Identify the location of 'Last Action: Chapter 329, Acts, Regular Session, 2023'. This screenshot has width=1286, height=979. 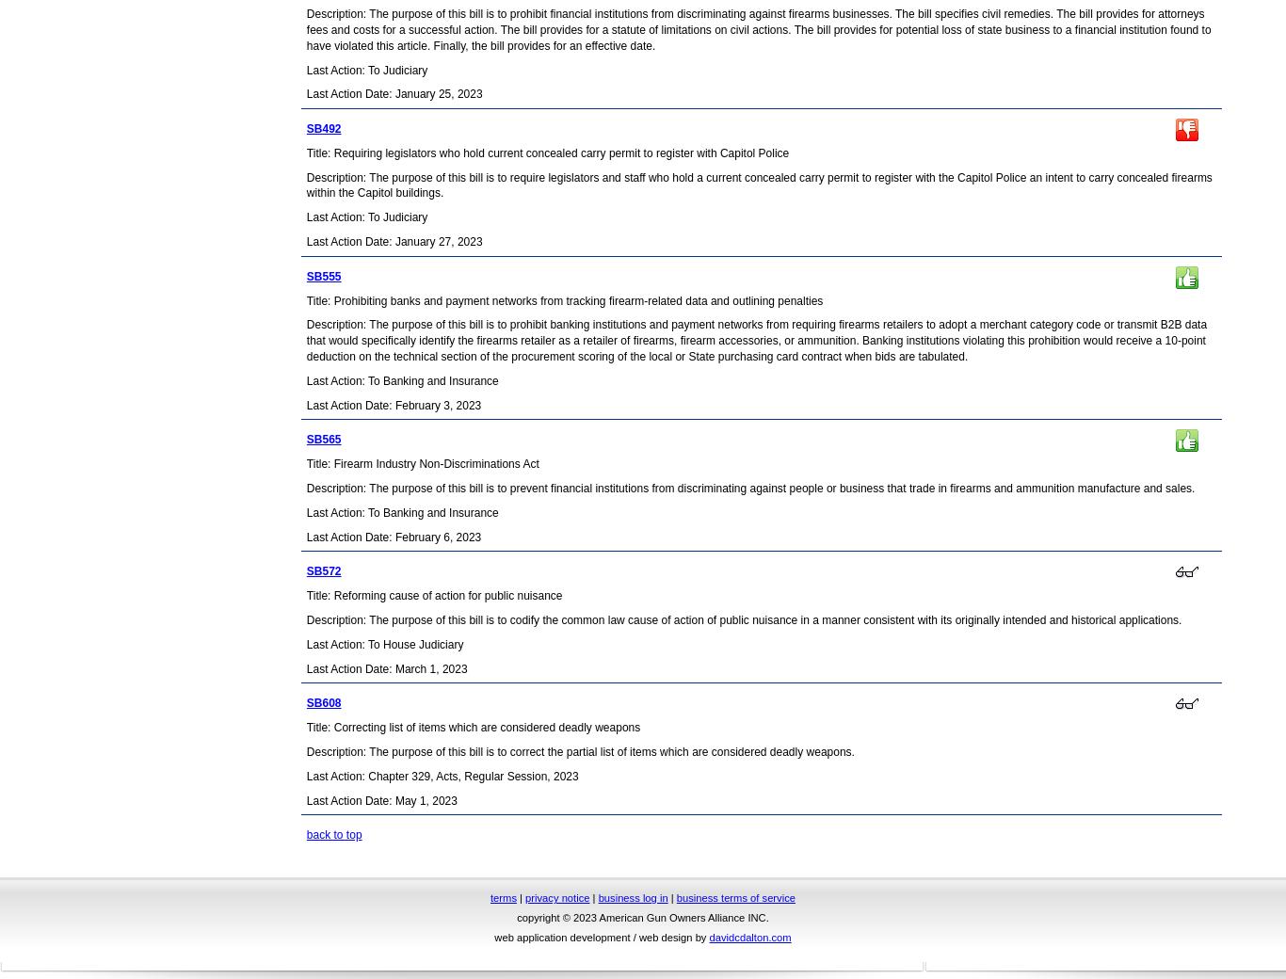
(305, 774).